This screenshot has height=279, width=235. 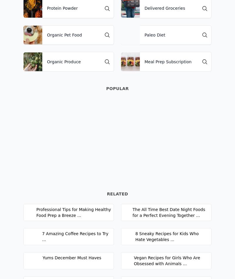 I want to click on 'Protein Powder', so click(x=62, y=8).